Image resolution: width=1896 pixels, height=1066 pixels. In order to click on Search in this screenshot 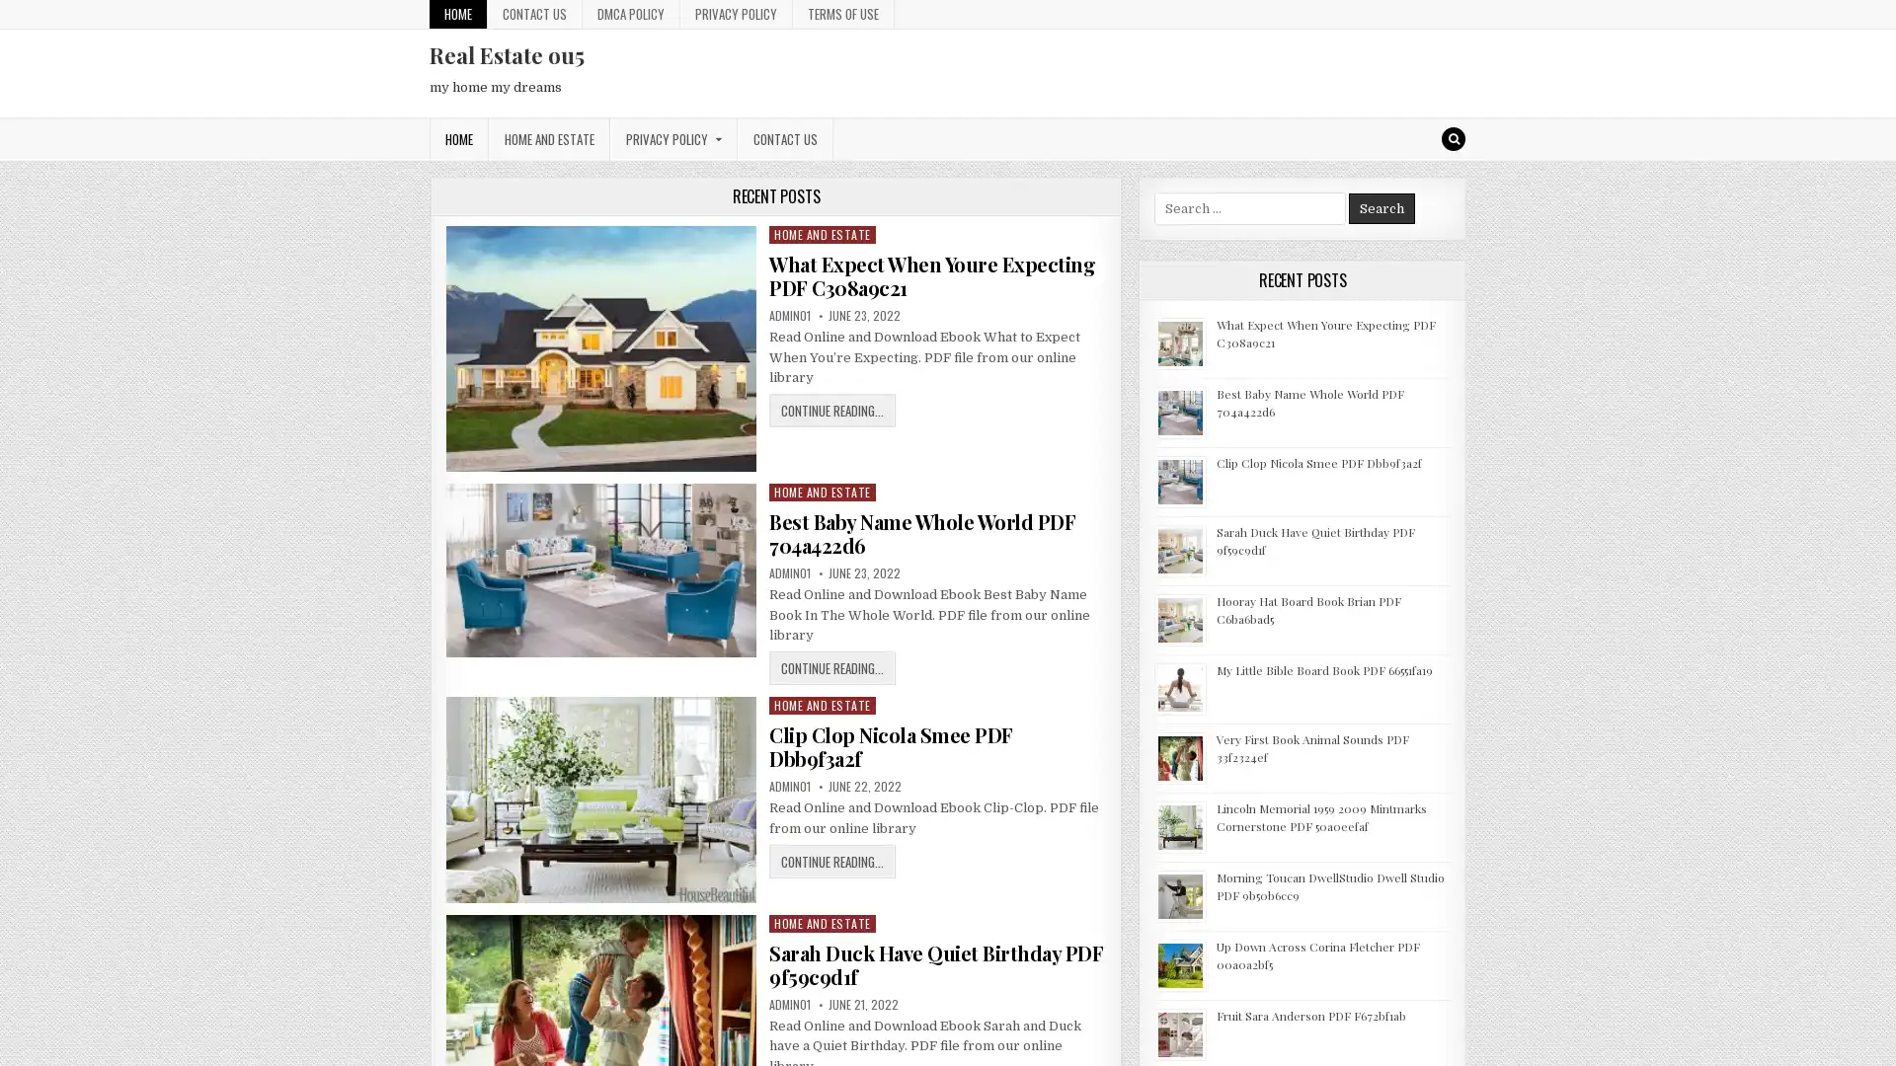, I will do `click(1381, 208)`.